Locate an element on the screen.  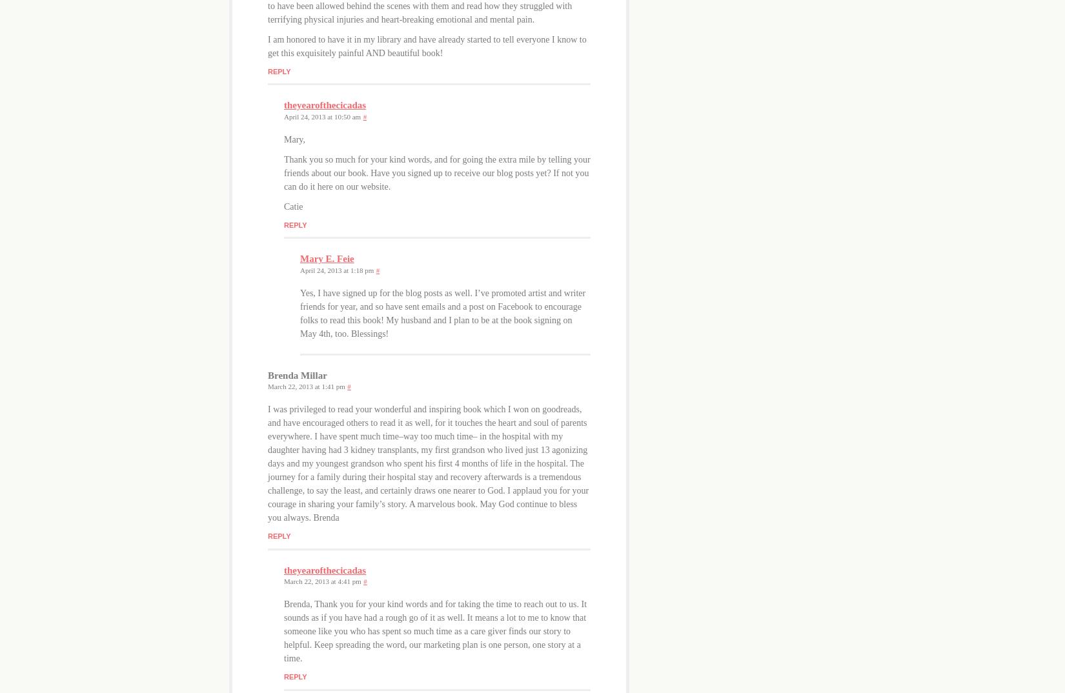
'April 24, 2013 at 10:50 am' is located at coordinates (321, 116).